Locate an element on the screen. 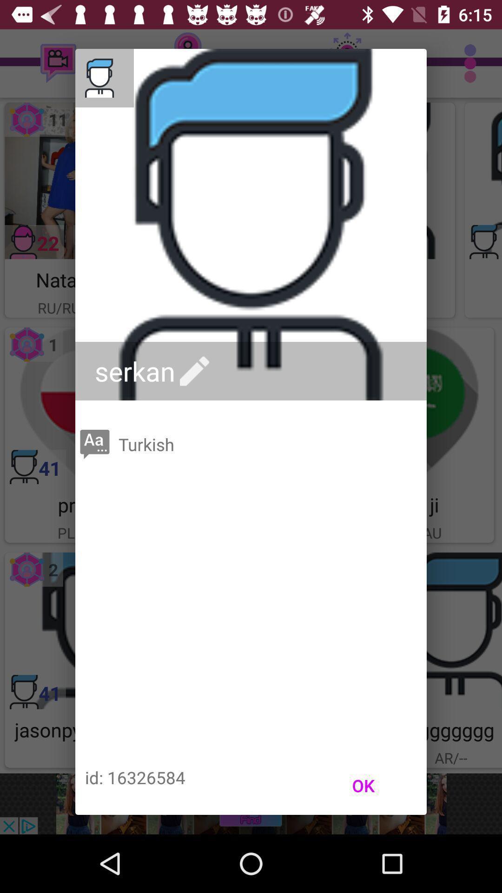 The image size is (502, 893). item next to the id: 16326584 is located at coordinates (363, 785).